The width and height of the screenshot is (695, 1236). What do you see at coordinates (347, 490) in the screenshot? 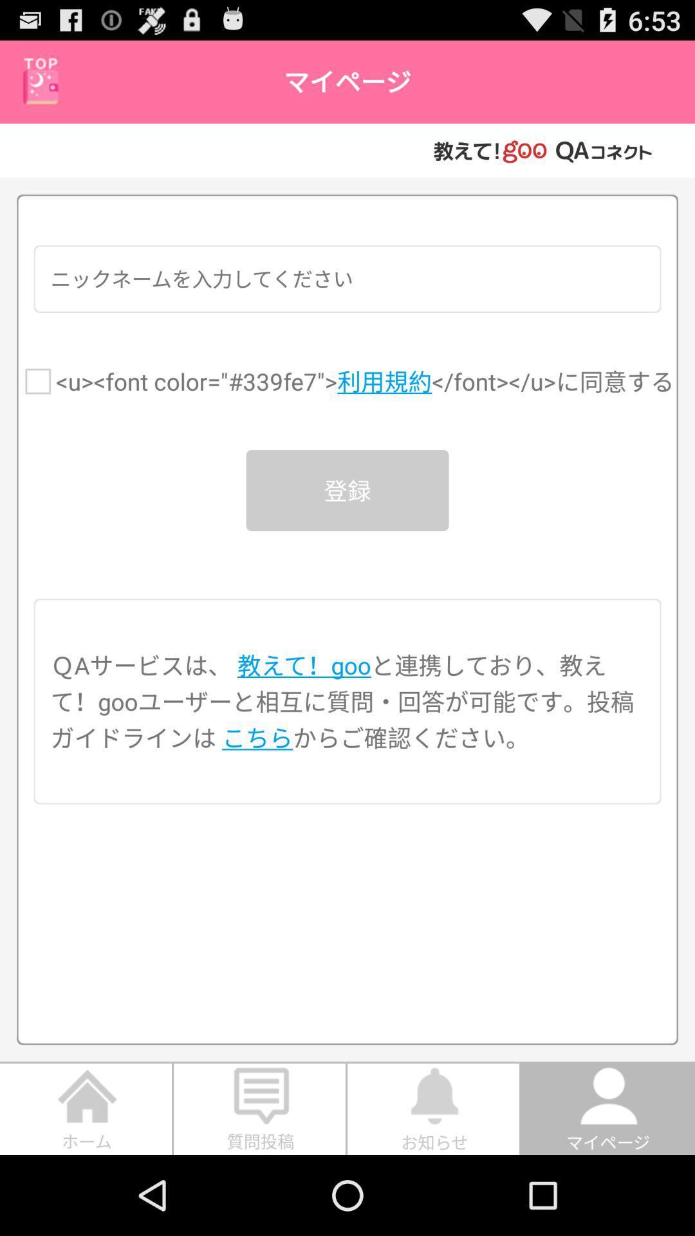
I see `the item below the u font color icon` at bounding box center [347, 490].